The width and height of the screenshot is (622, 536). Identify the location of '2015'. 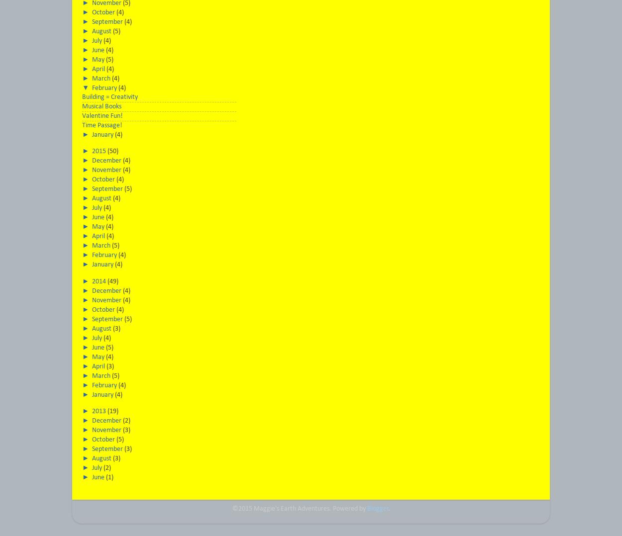
(99, 151).